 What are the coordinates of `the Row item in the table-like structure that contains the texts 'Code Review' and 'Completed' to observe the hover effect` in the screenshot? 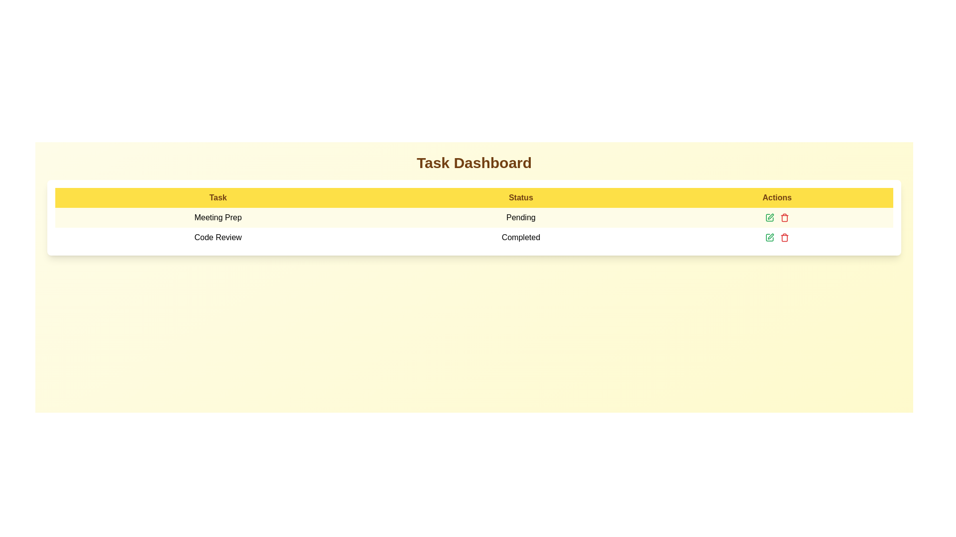 It's located at (474, 238).